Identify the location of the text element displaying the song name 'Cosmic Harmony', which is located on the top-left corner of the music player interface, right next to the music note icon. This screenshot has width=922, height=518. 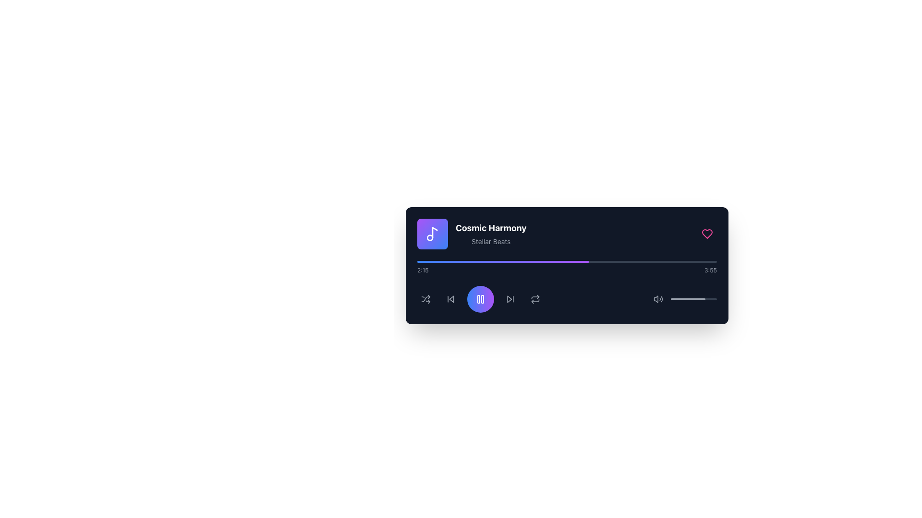
(491, 228).